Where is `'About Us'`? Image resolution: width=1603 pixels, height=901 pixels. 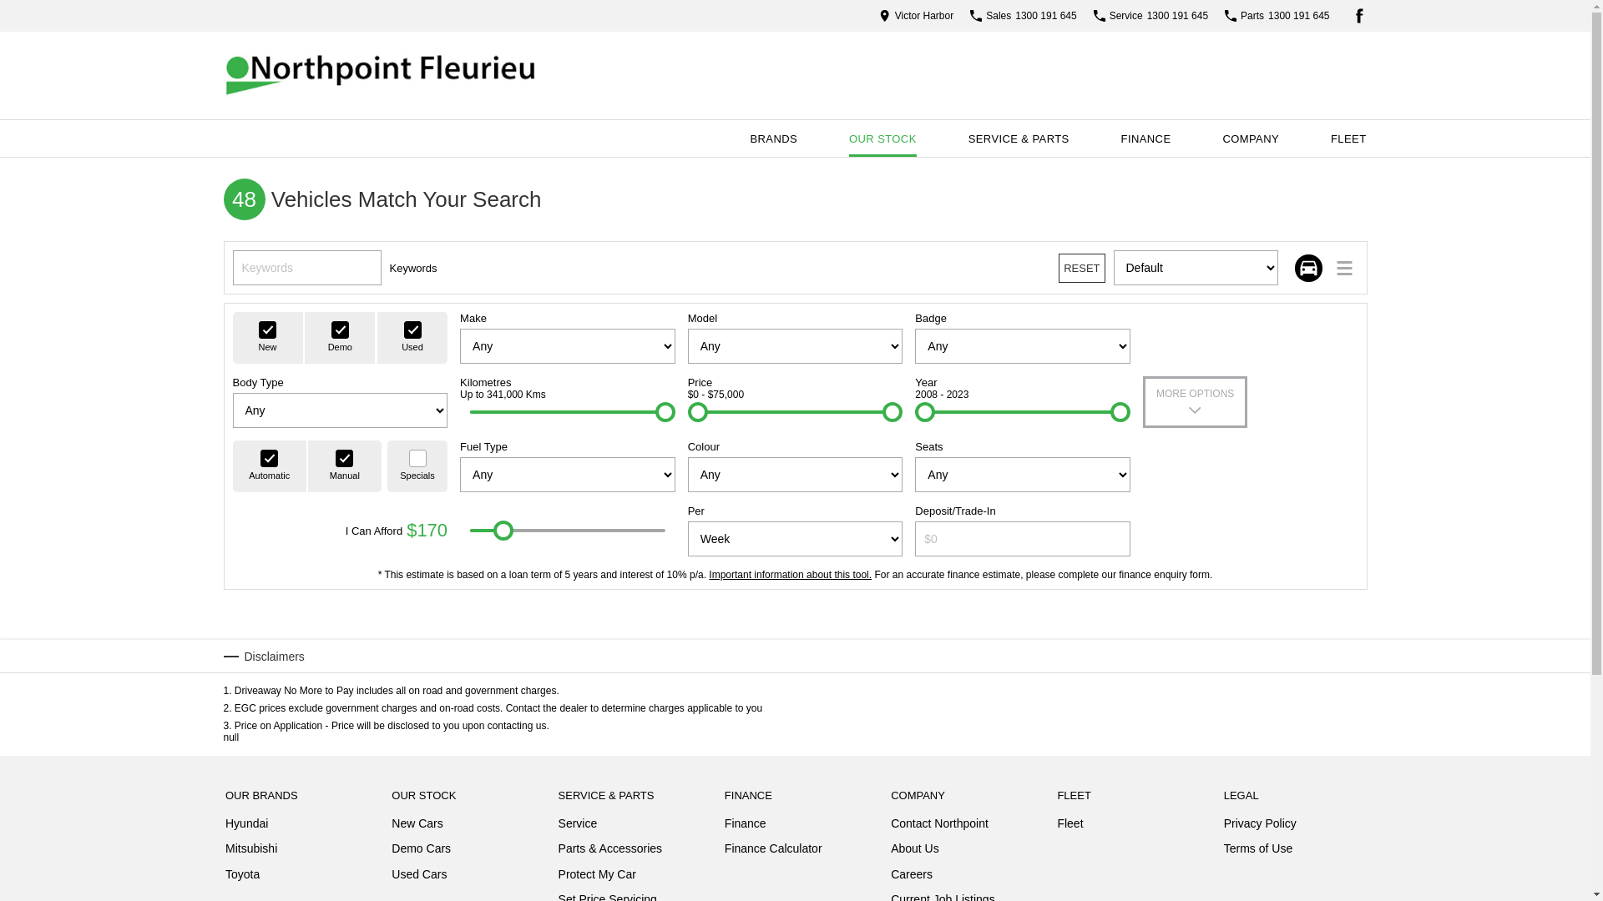 'About Us' is located at coordinates (913, 852).